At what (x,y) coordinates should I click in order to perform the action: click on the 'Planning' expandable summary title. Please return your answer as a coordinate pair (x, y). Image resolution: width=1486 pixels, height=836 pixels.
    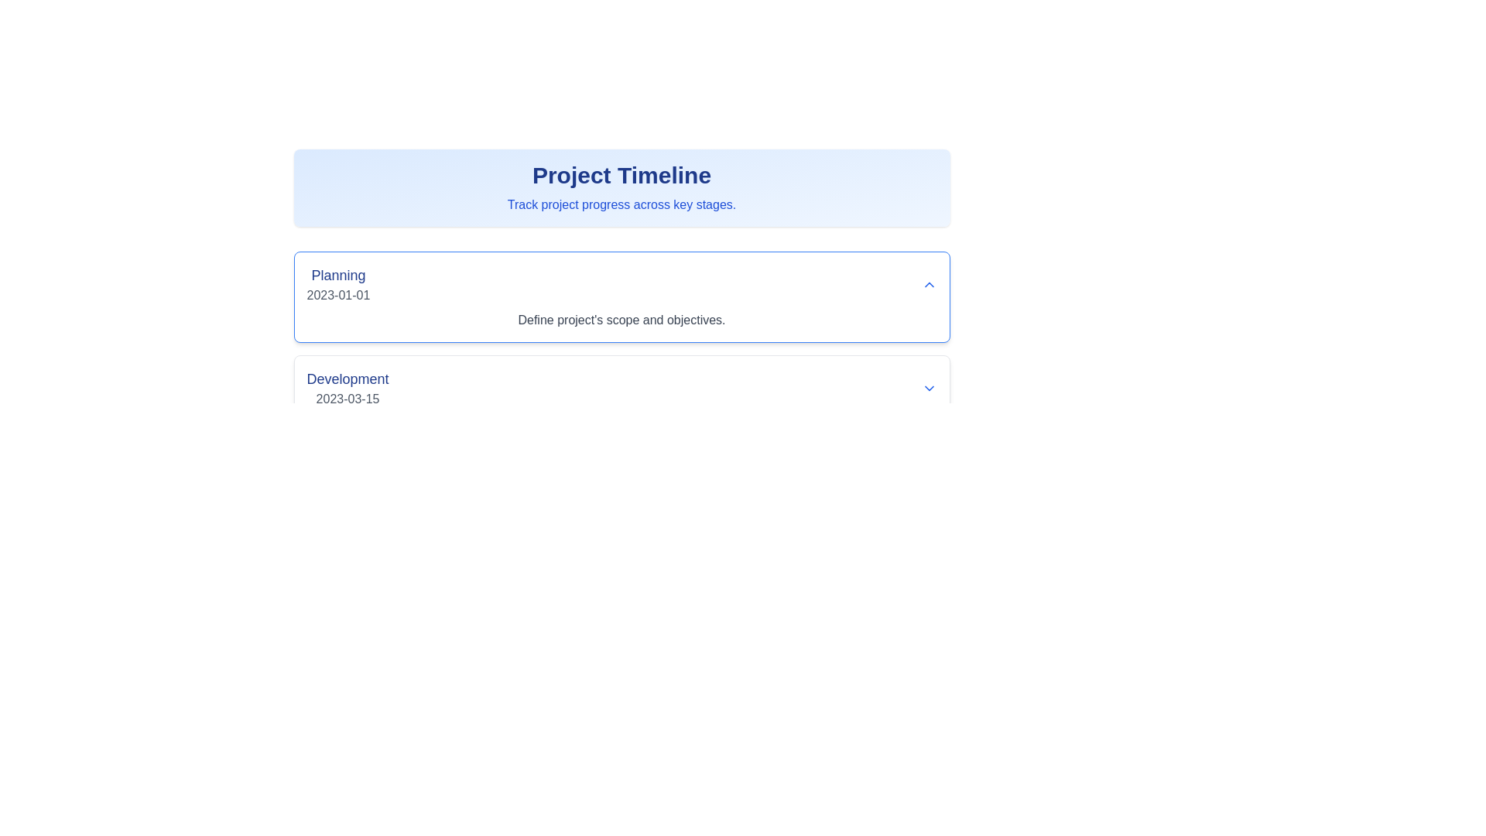
    Looking at the image, I should click on (621, 284).